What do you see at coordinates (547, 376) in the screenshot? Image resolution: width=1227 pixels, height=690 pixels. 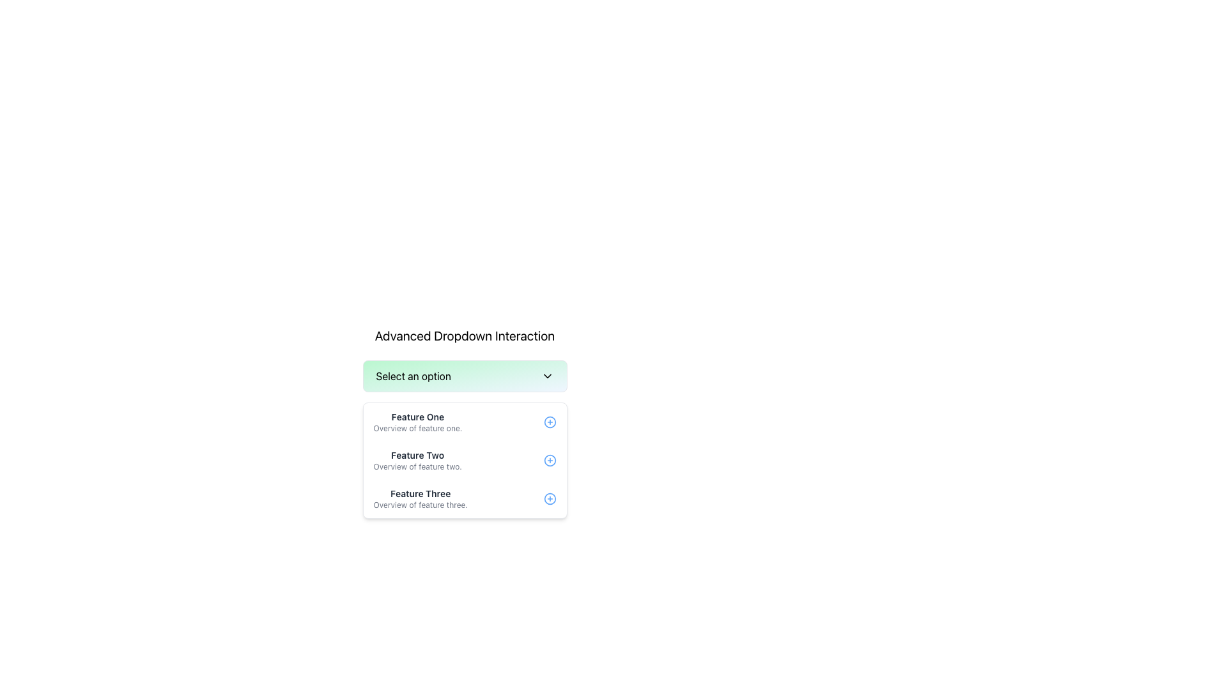 I see `the downward-pointing chevron icon located at the rightmost end of the 'Select an option' bar` at bounding box center [547, 376].